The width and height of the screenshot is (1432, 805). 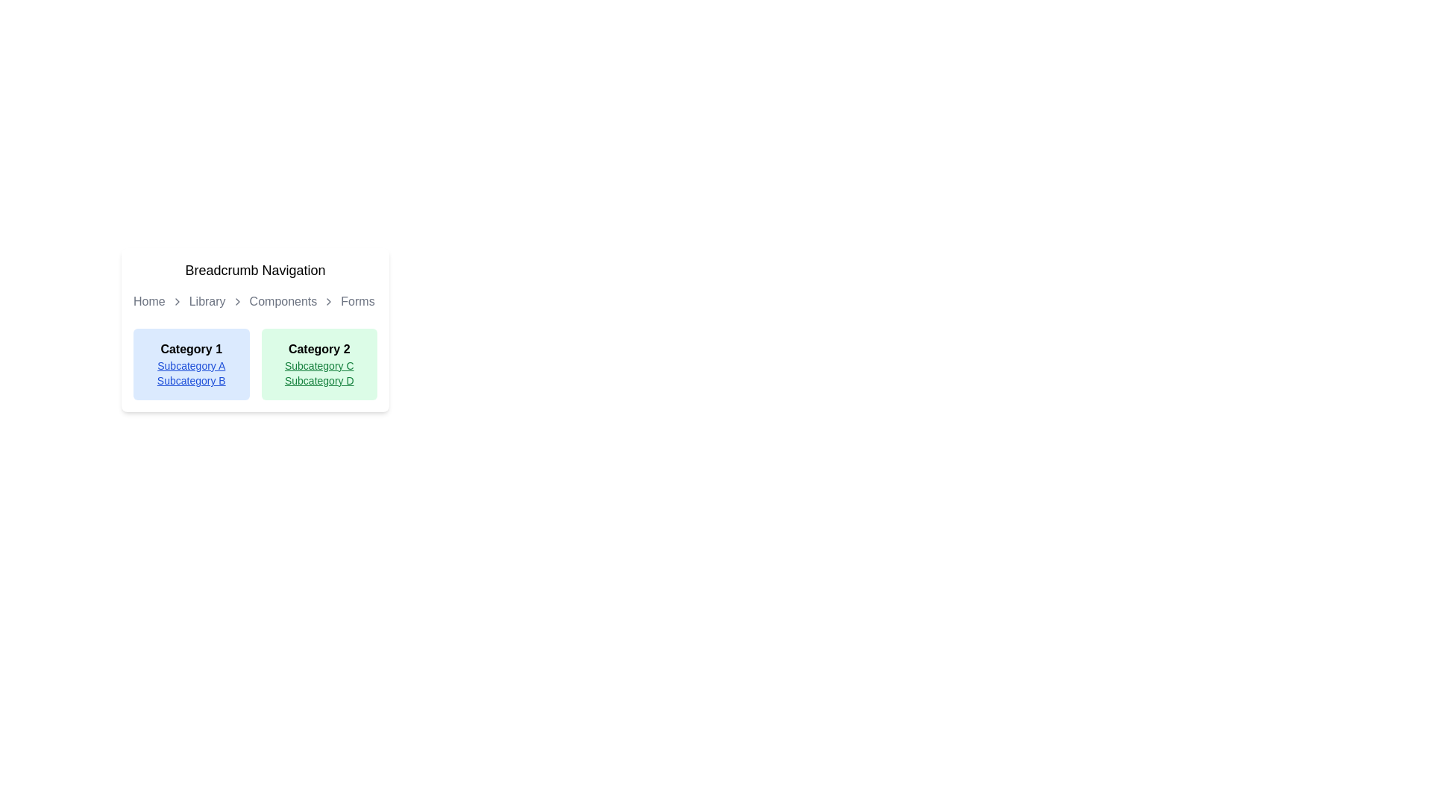 I want to click on the text label referencing 'Subcategory B' under 'Category 1', so click(x=190, y=379).